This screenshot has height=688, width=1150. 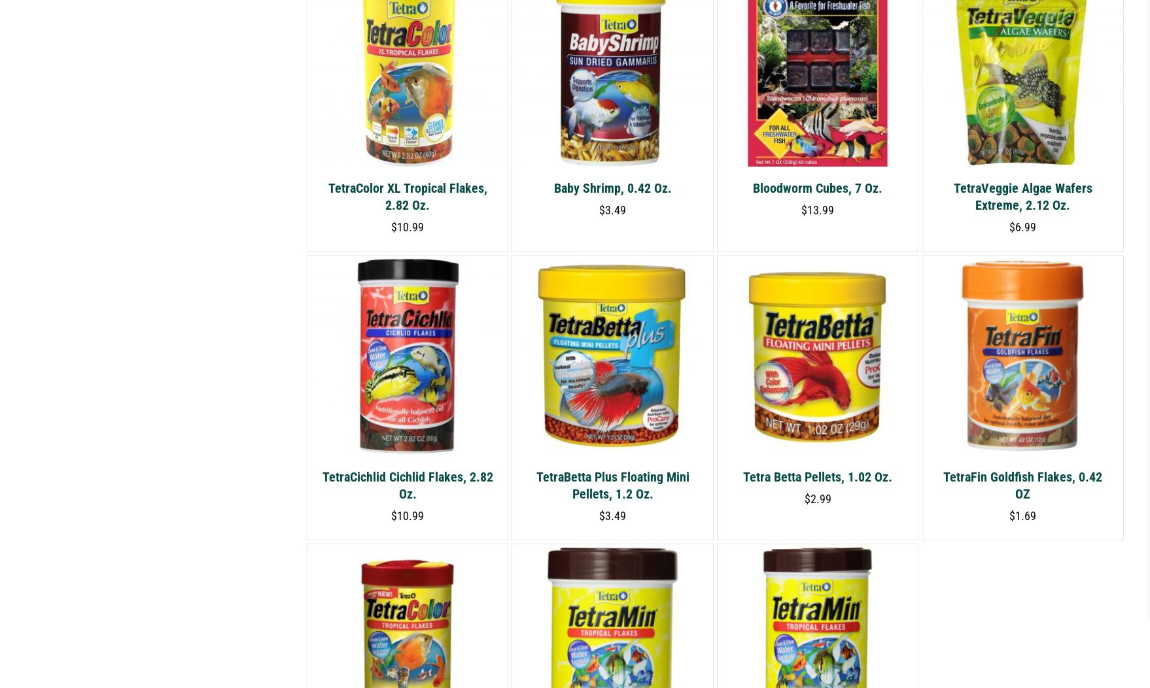 I want to click on 'Bloodworm Cubes, 7 oz.', so click(x=817, y=187).